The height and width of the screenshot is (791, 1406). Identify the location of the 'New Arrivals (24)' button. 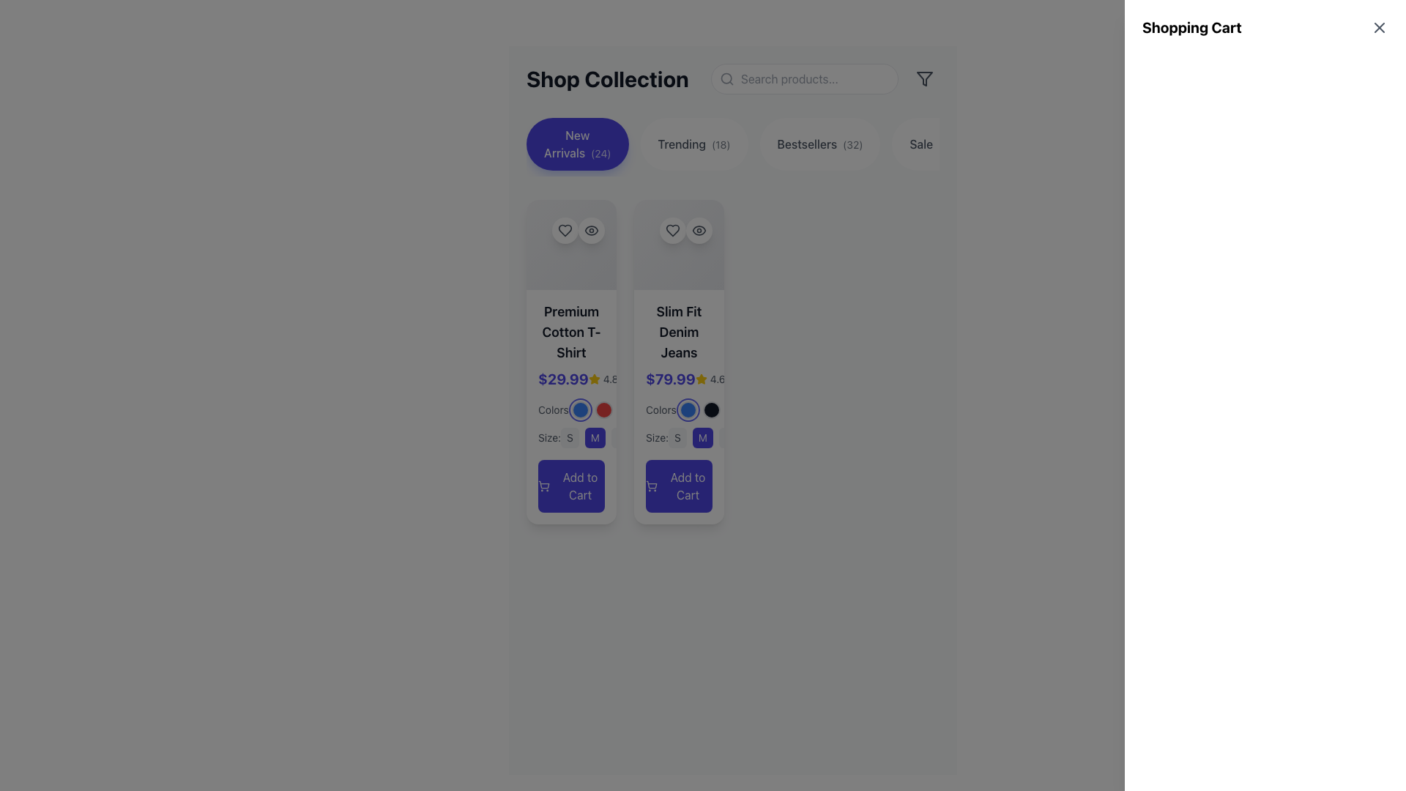
(576, 144).